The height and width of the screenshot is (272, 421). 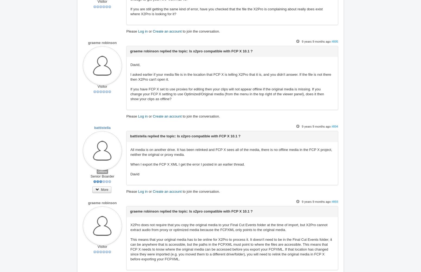 I want to click on 'This means that your original media has to be online for X2Pro to process it. It doesn't need to be  in the Final Cut Events folder; it can be anywhere that is accessible, but the paths in the FCPXML must point to where the files are accessible. This means that FCP X needs to know where the original media can be accessed before you export your FCPXML. If that location has changed since they were imported (e.g. you moved them to a different drive/folder), you will need to relink the original media in FCP X before exporting your FCPXML.', so click(x=231, y=249).